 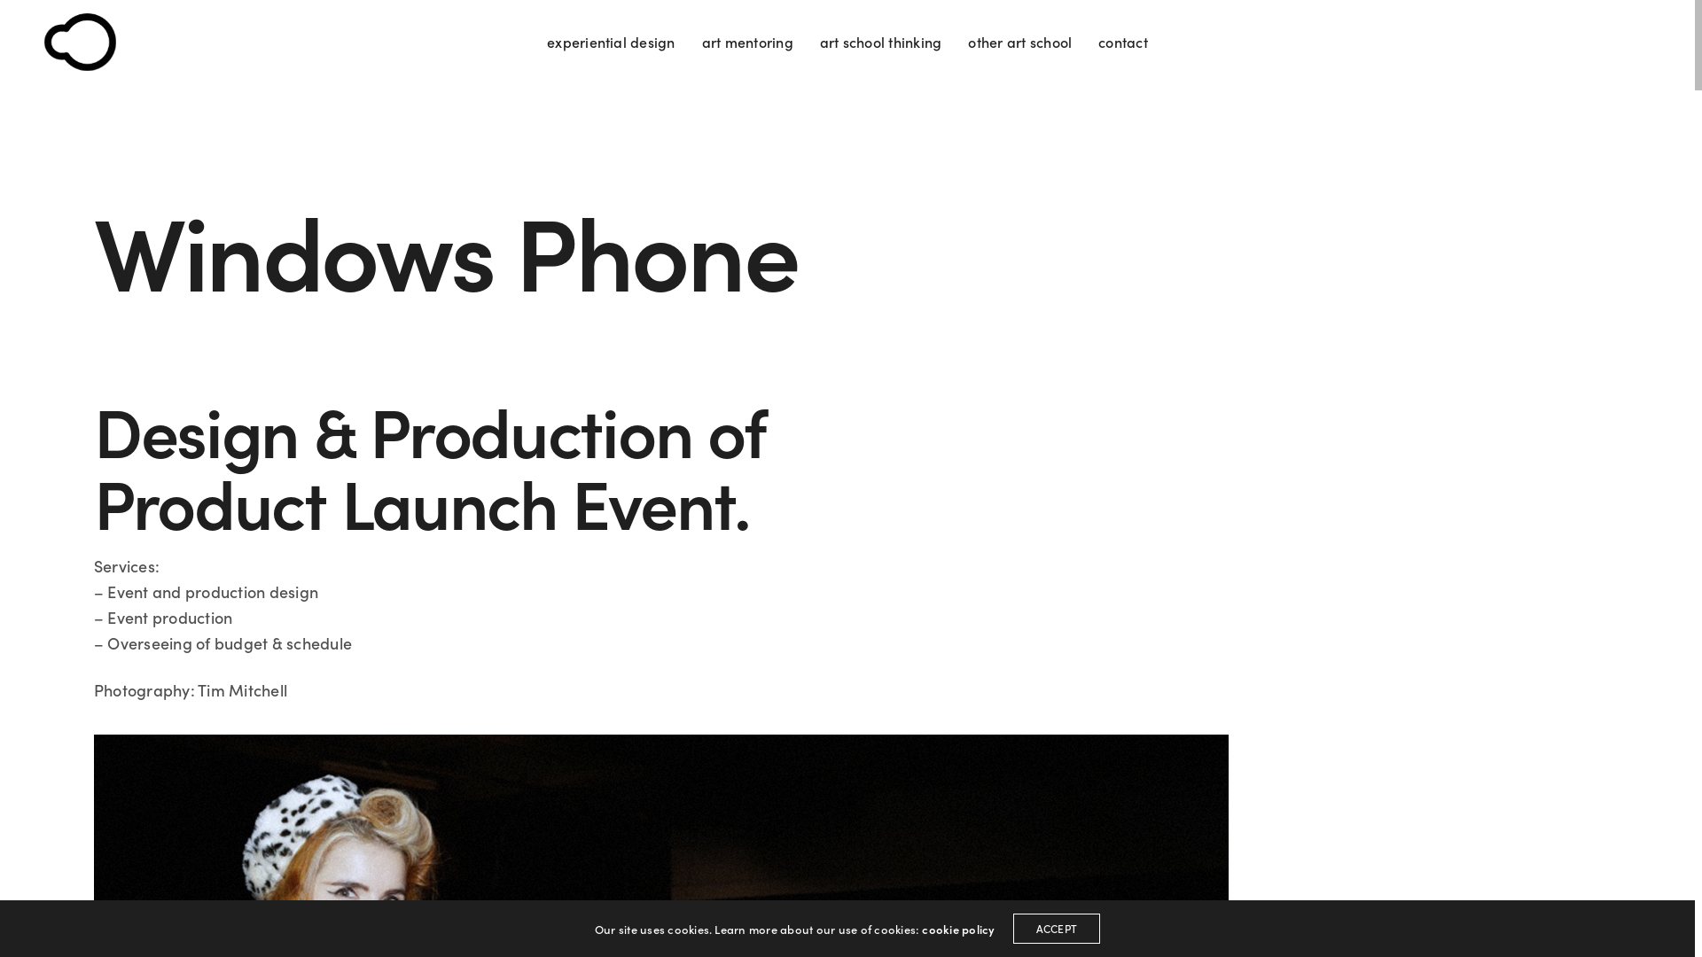 I want to click on 'Mr Board', so click(x=79, y=41).